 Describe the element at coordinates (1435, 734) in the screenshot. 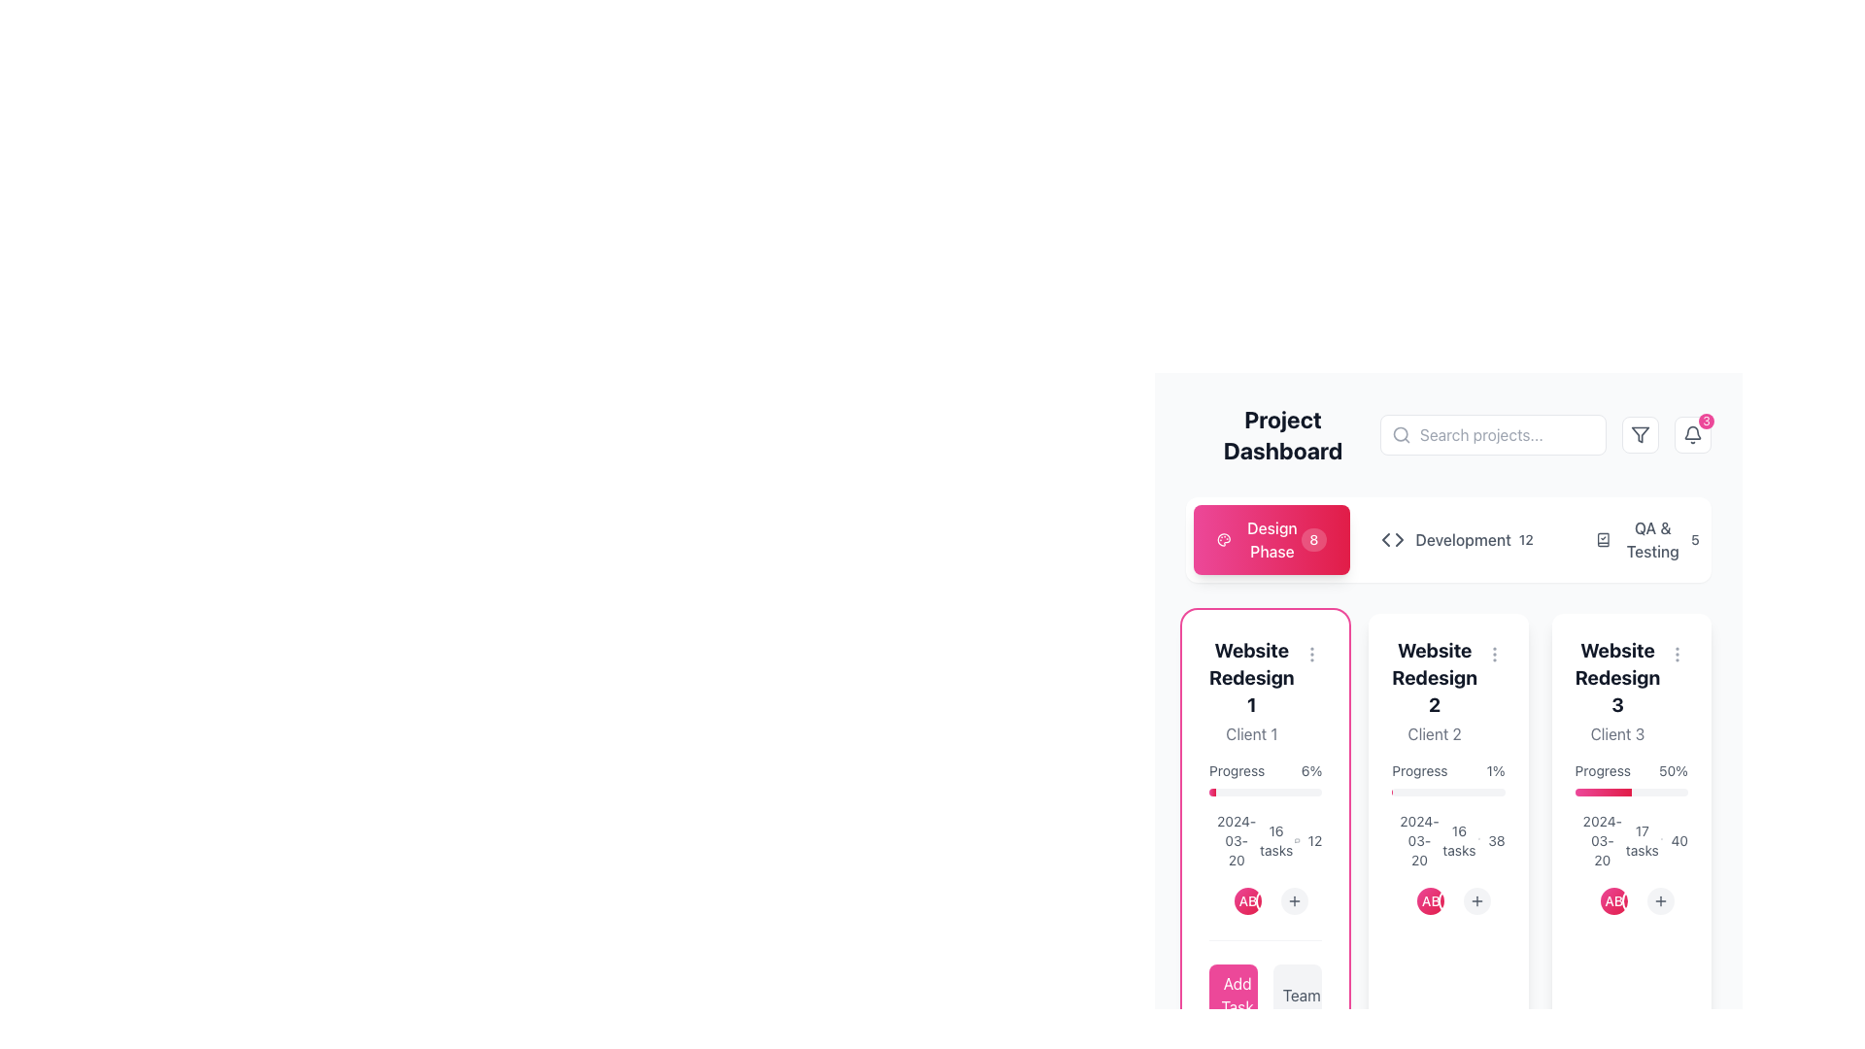

I see `the static text label displaying the client's name, located within the second project card below 'Website Redesign 2' and above the progress section` at that location.